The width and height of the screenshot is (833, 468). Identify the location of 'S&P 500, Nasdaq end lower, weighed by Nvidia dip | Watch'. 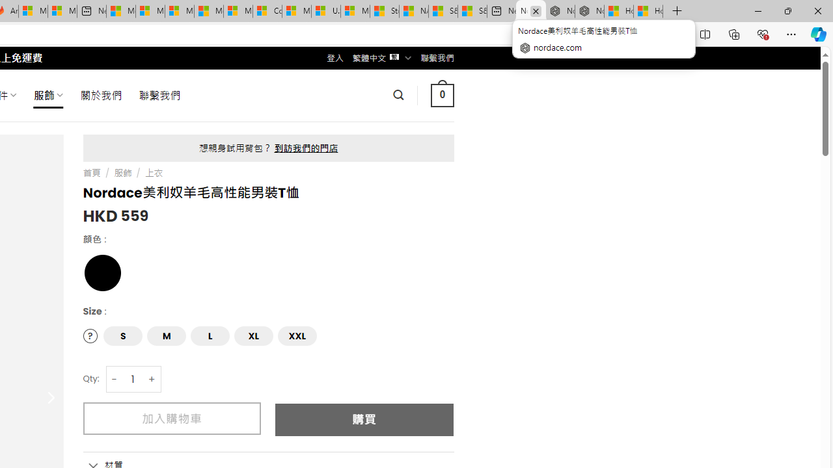
(471, 11).